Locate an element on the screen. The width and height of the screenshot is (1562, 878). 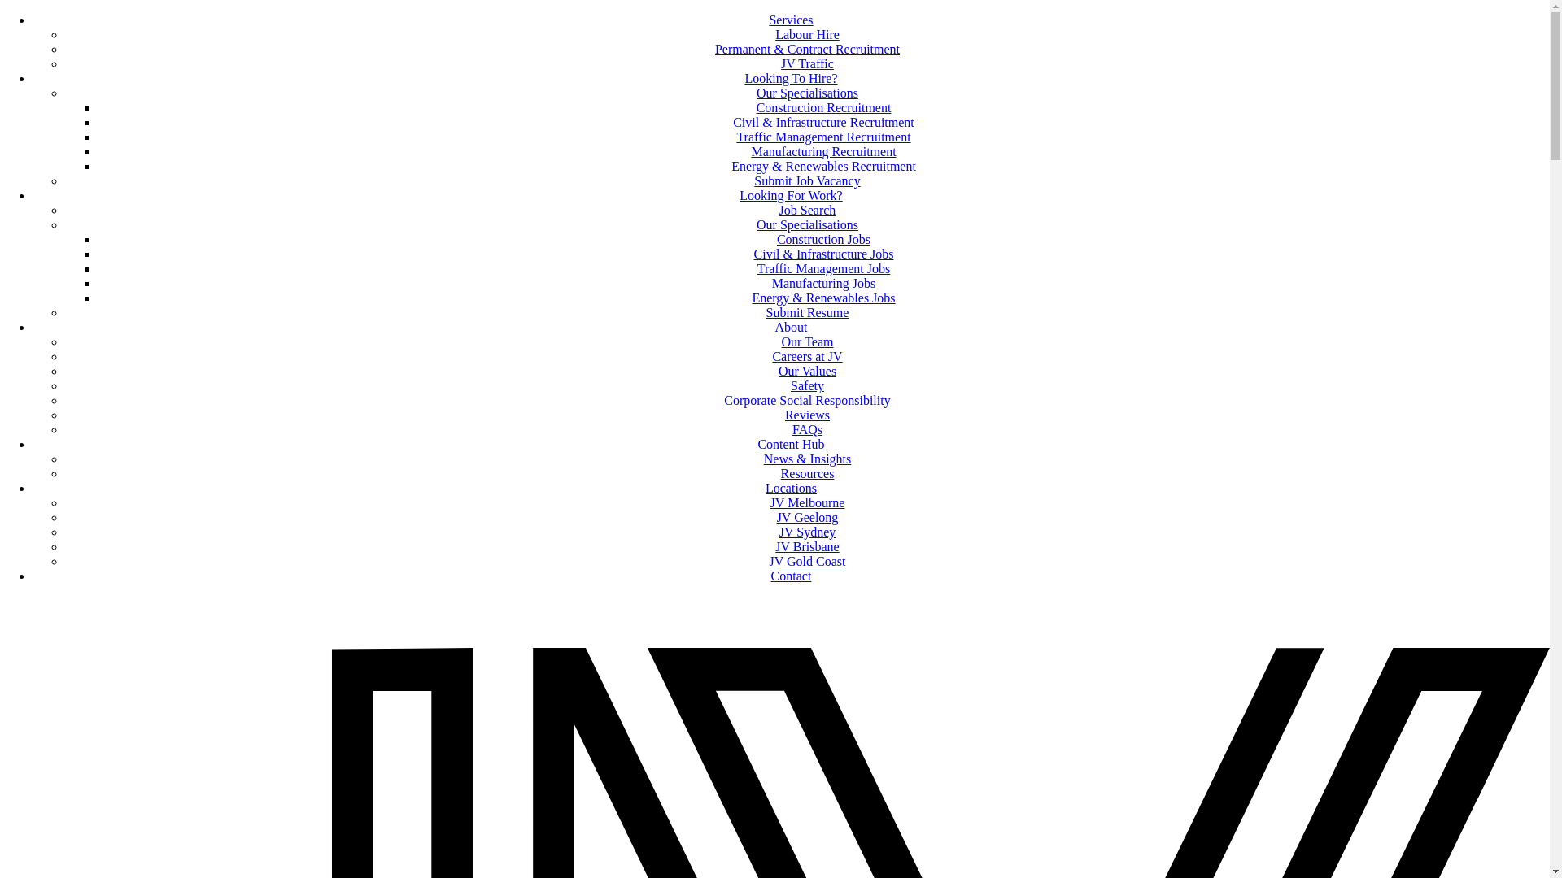
'News & Insights' is located at coordinates (763, 459).